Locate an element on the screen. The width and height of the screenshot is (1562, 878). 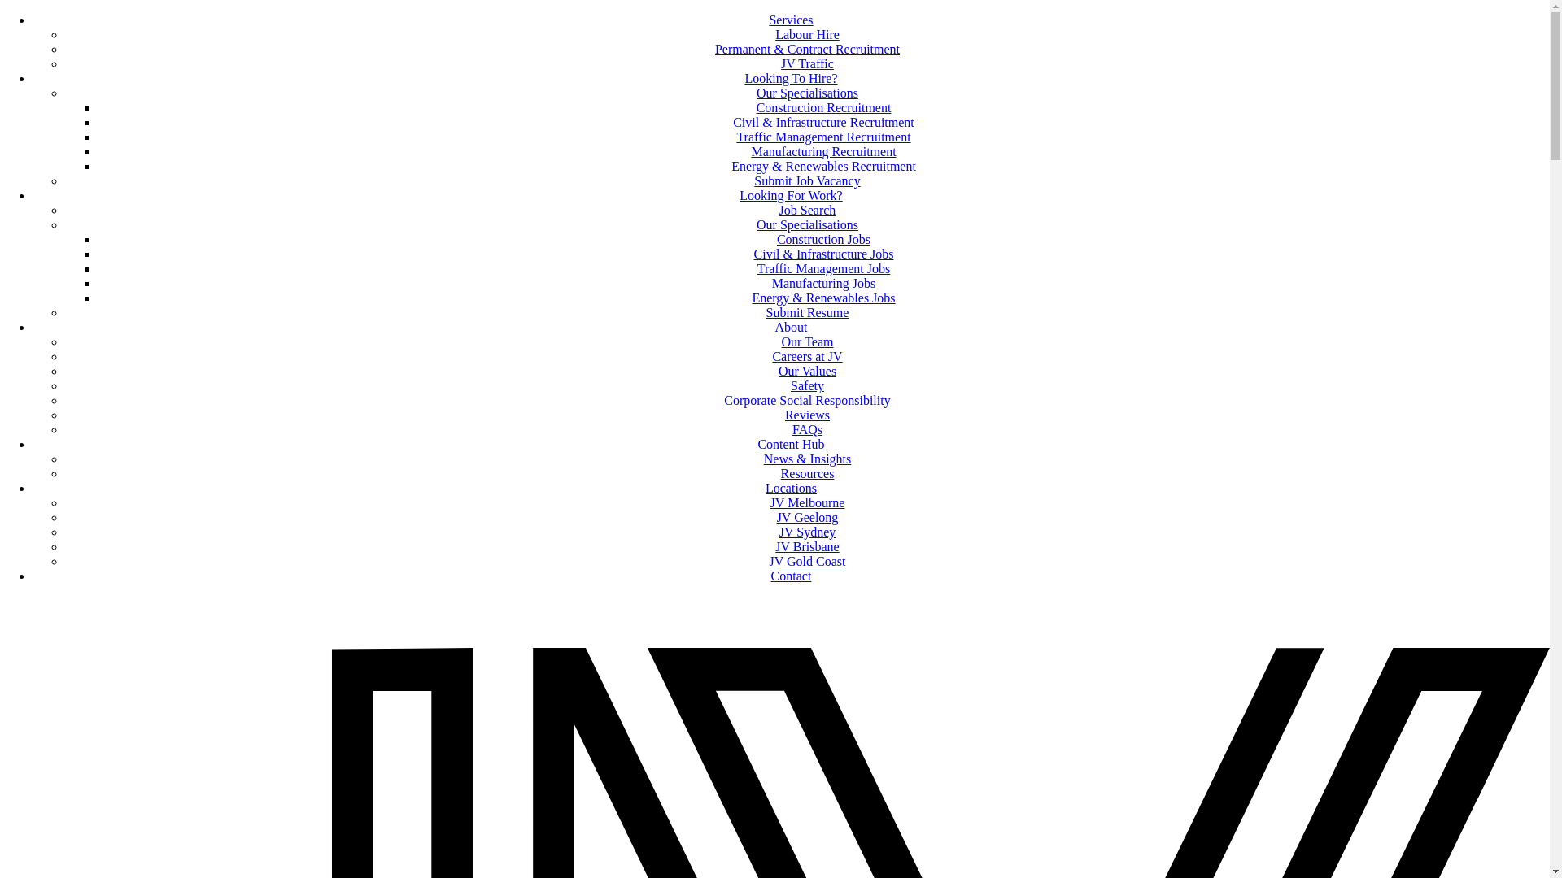
'News & Insights' is located at coordinates (763, 459).